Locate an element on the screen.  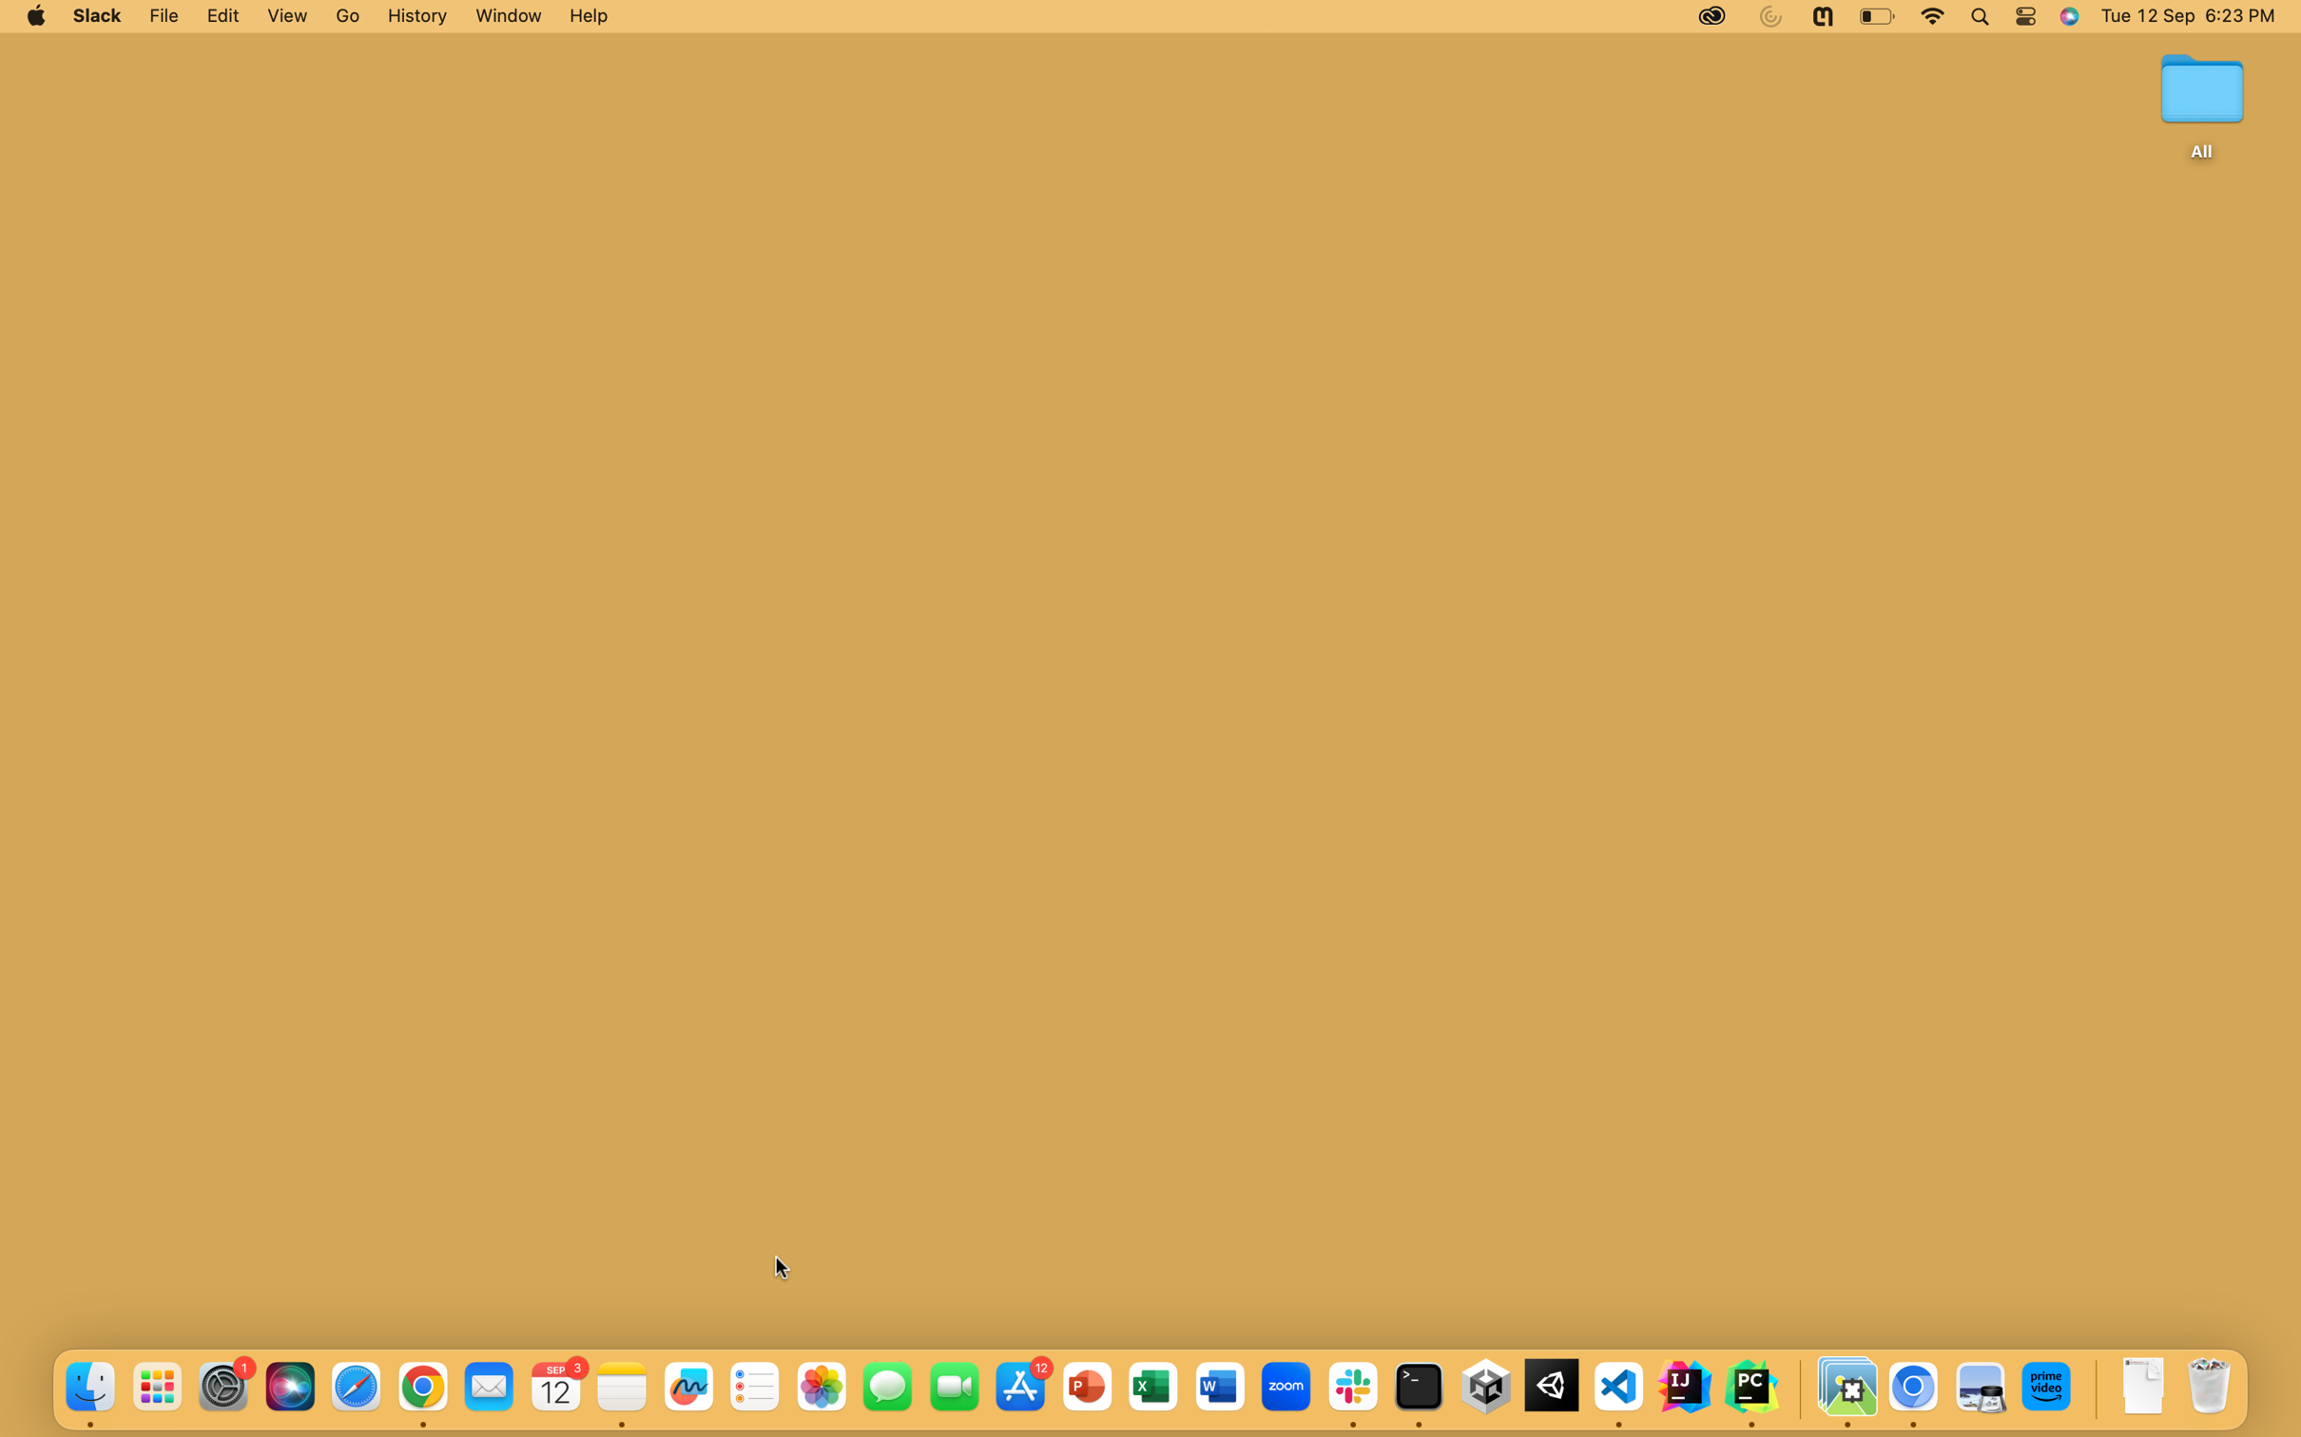
Search for App Calculator using search icon is located at coordinates (1979, 16).